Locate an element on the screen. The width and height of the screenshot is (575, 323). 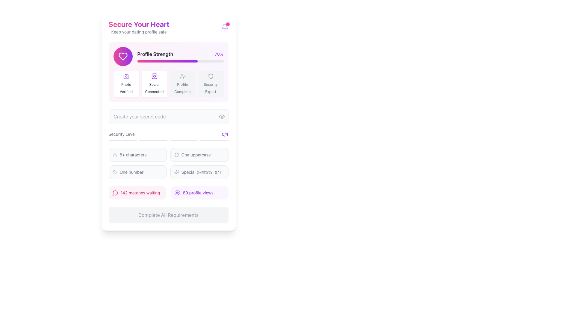
the descriptive Text Label indicating profile completion verification, located directly beneath the user icon with a check mark in the third column of the row is located at coordinates (182, 88).